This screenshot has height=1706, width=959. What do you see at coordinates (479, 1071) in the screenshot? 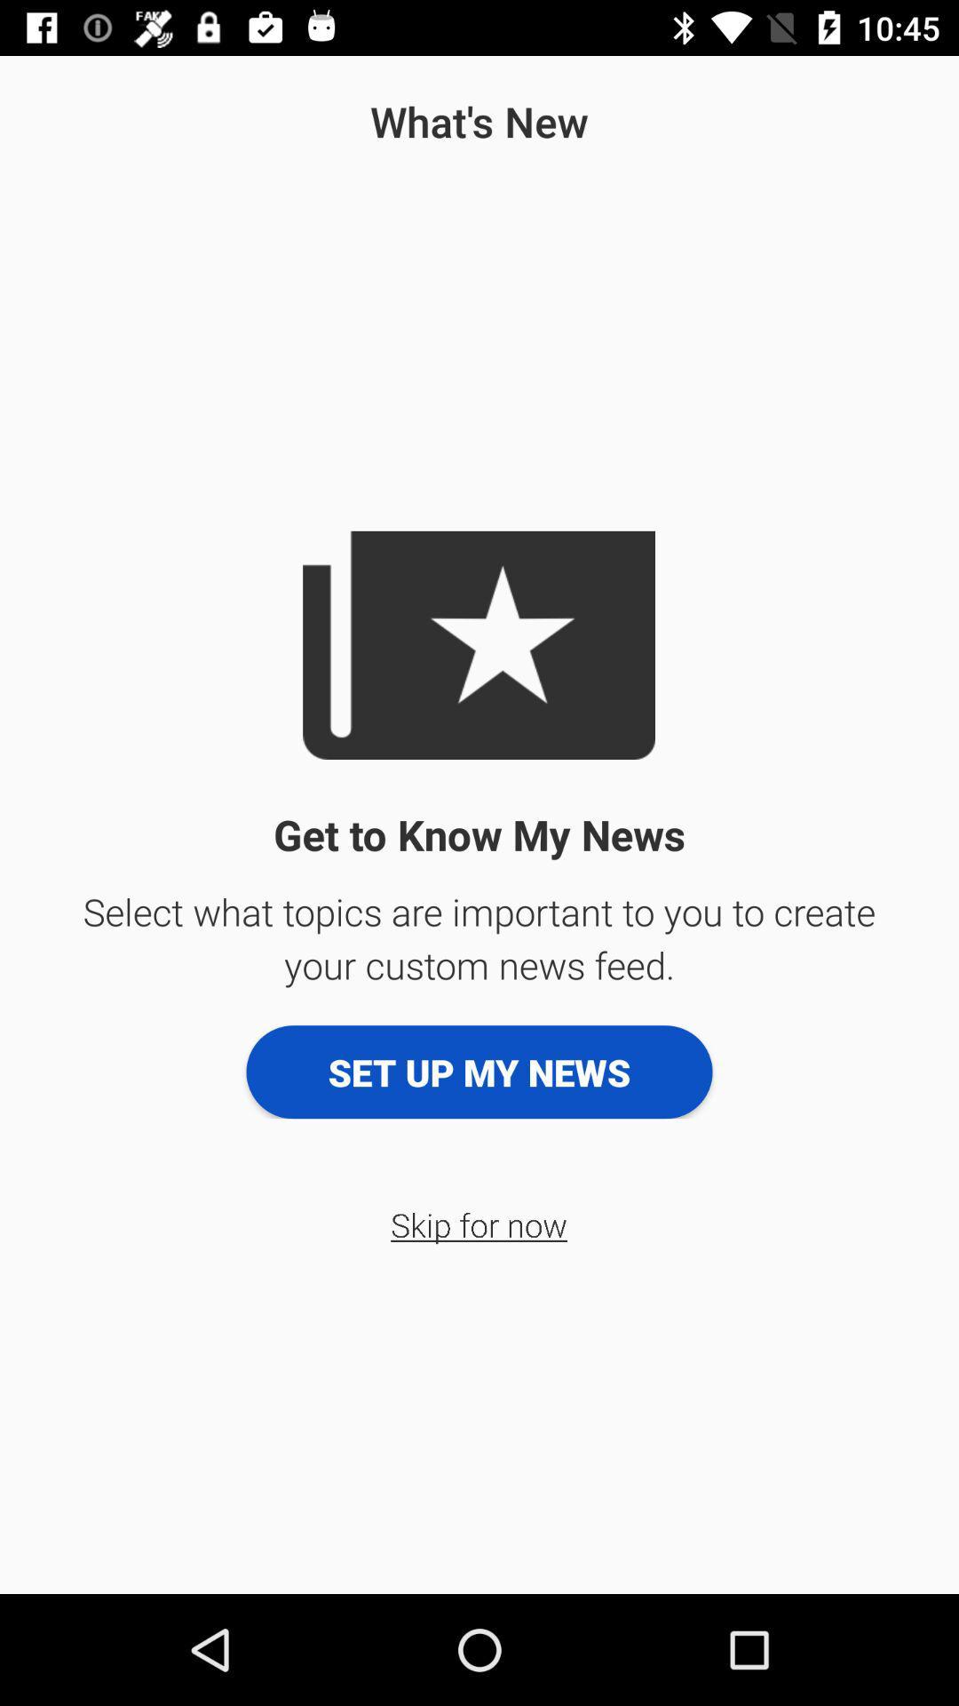
I see `icon below select what topics app` at bounding box center [479, 1071].